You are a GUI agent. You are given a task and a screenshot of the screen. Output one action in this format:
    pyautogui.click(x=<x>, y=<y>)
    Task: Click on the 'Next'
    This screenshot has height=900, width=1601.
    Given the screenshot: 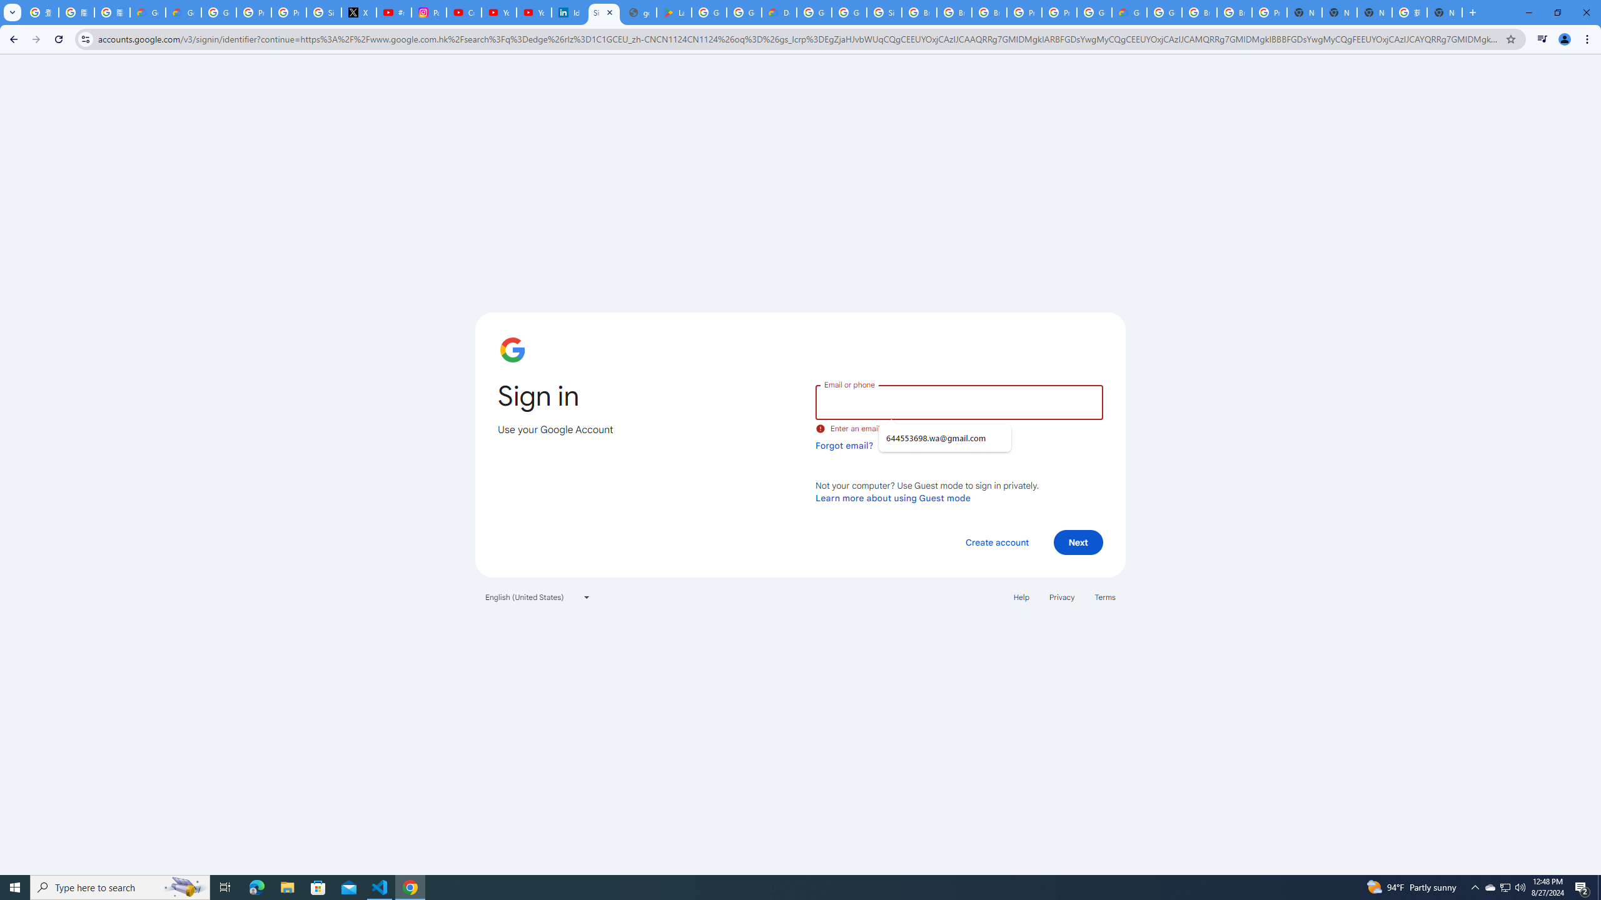 What is the action you would take?
    pyautogui.click(x=1078, y=541)
    